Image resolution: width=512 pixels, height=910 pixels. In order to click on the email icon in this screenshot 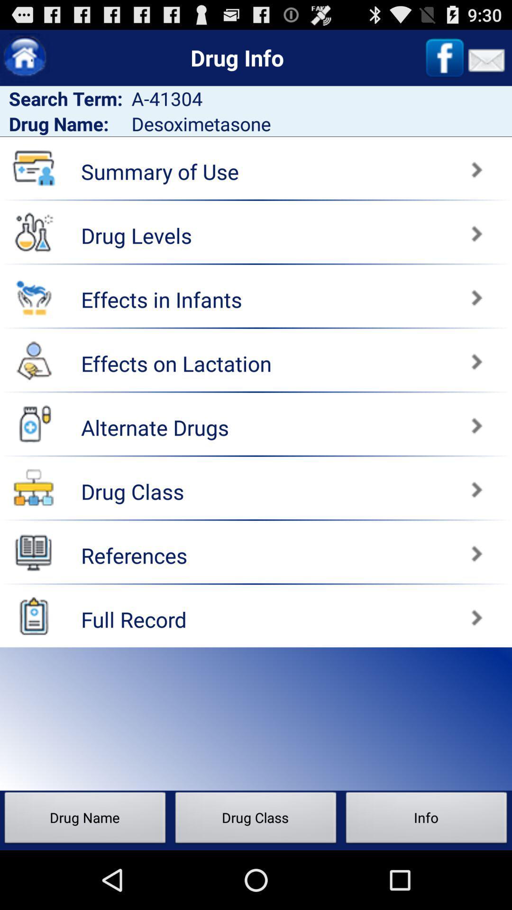, I will do `click(487, 61)`.